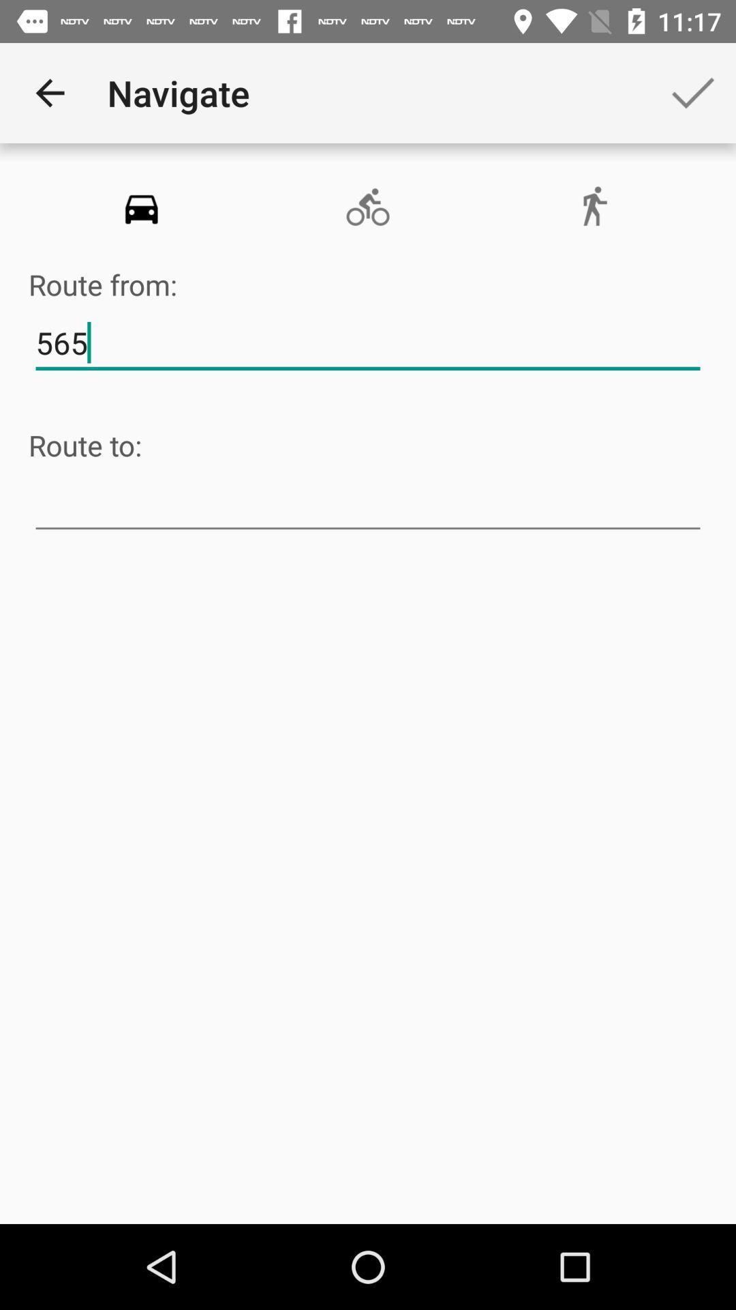  I want to click on app next to navigate, so click(49, 92).